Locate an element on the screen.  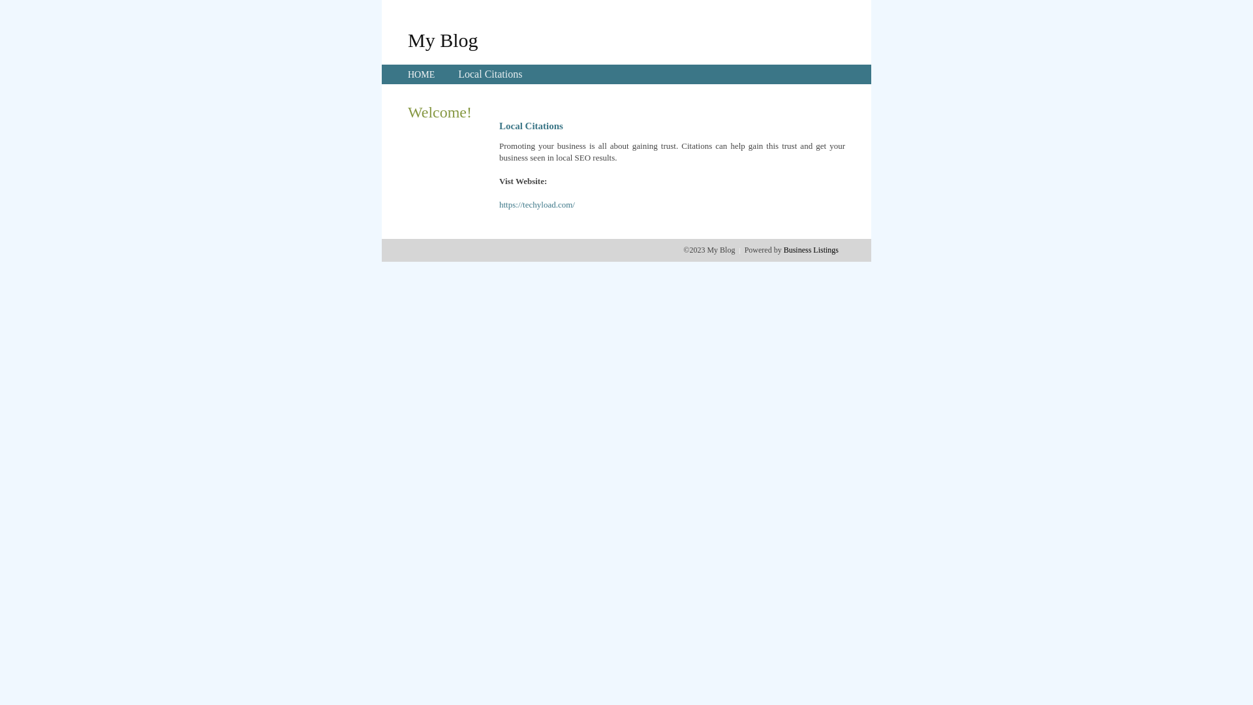
'https://techyload.com/' is located at coordinates (498, 204).